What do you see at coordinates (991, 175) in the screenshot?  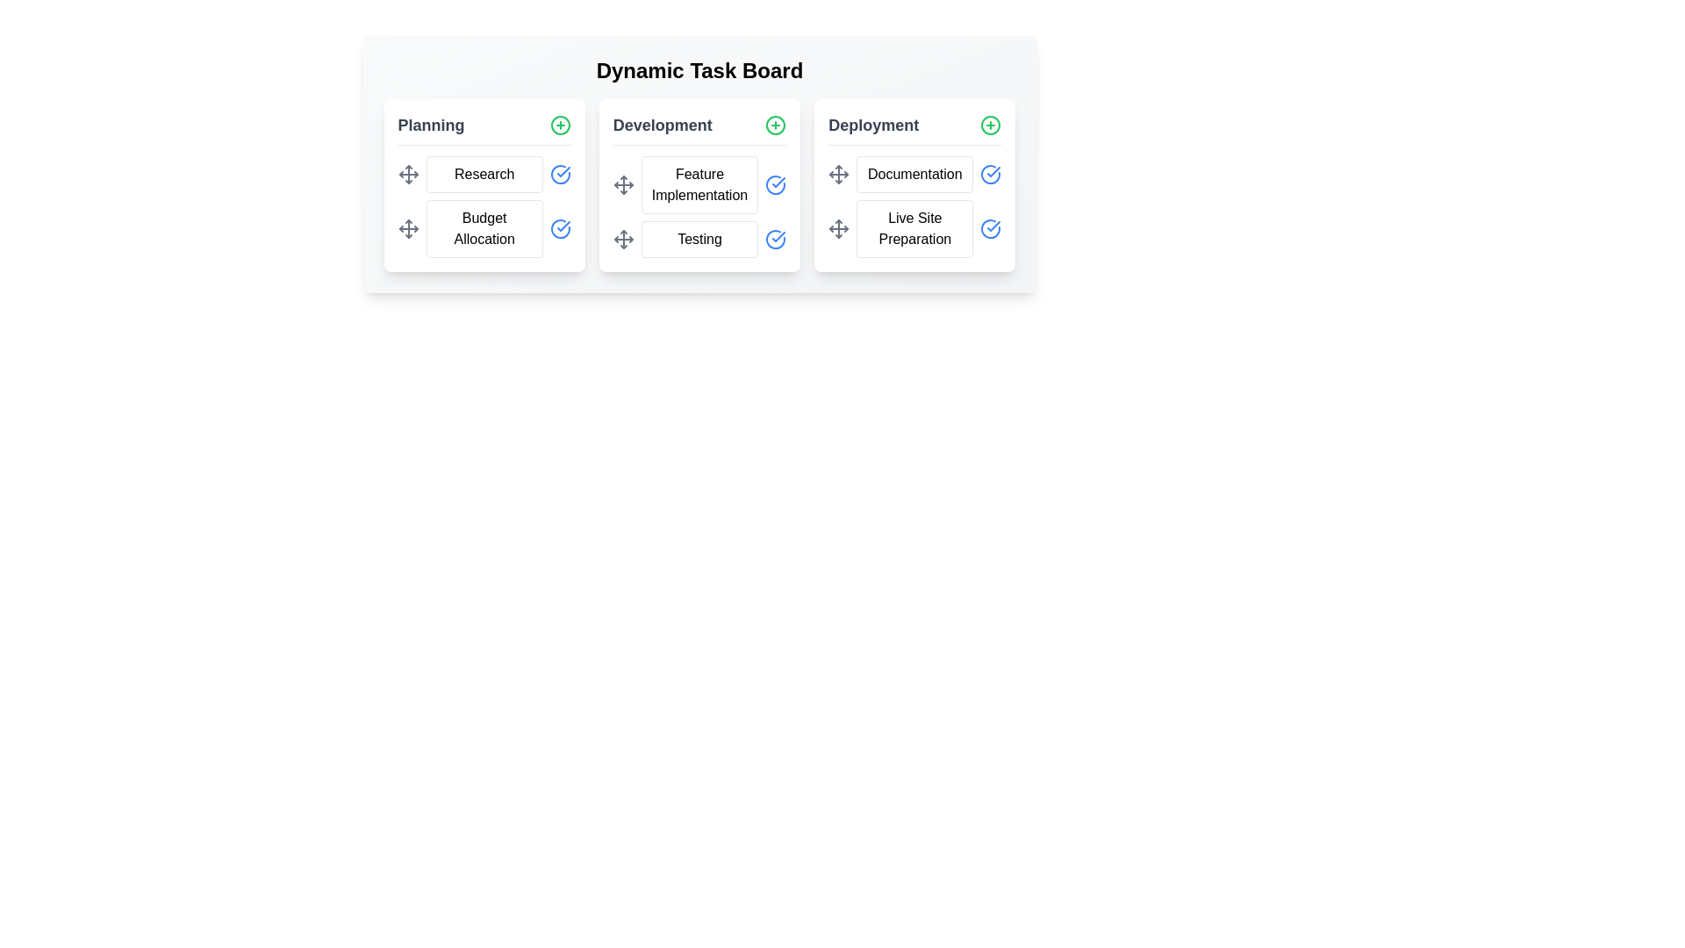 I see `'CheckCircle' icon next to the task 'Documentation' to mark it as complete` at bounding box center [991, 175].